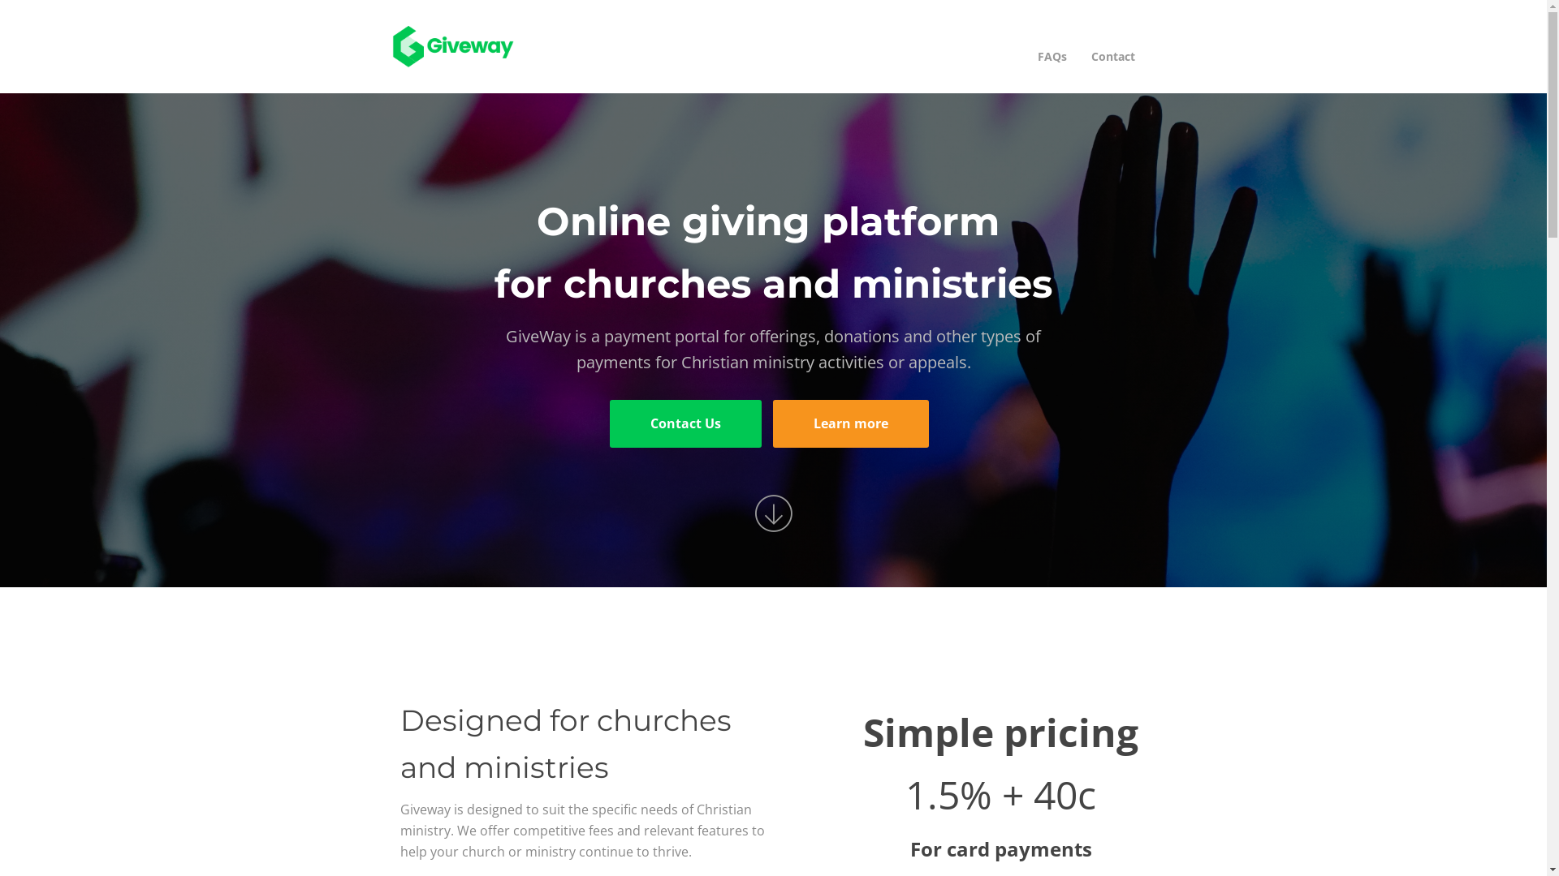 Image resolution: width=1559 pixels, height=876 pixels. Describe the element at coordinates (849, 423) in the screenshot. I see `'Learn more'` at that location.